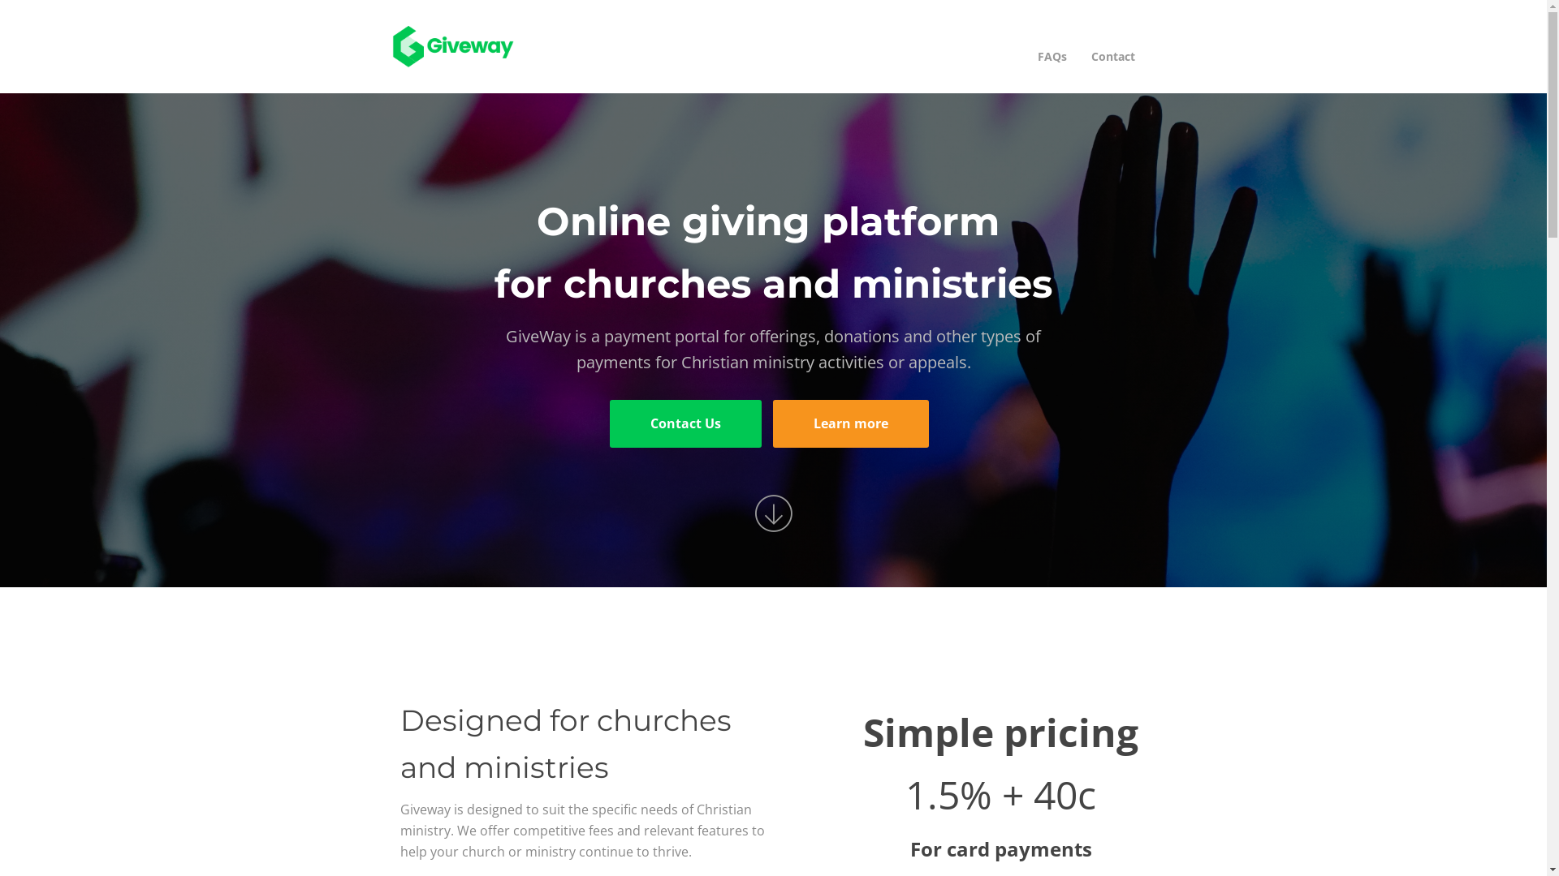 Image resolution: width=1559 pixels, height=876 pixels. Describe the element at coordinates (849, 423) in the screenshot. I see `'Learn more'` at that location.